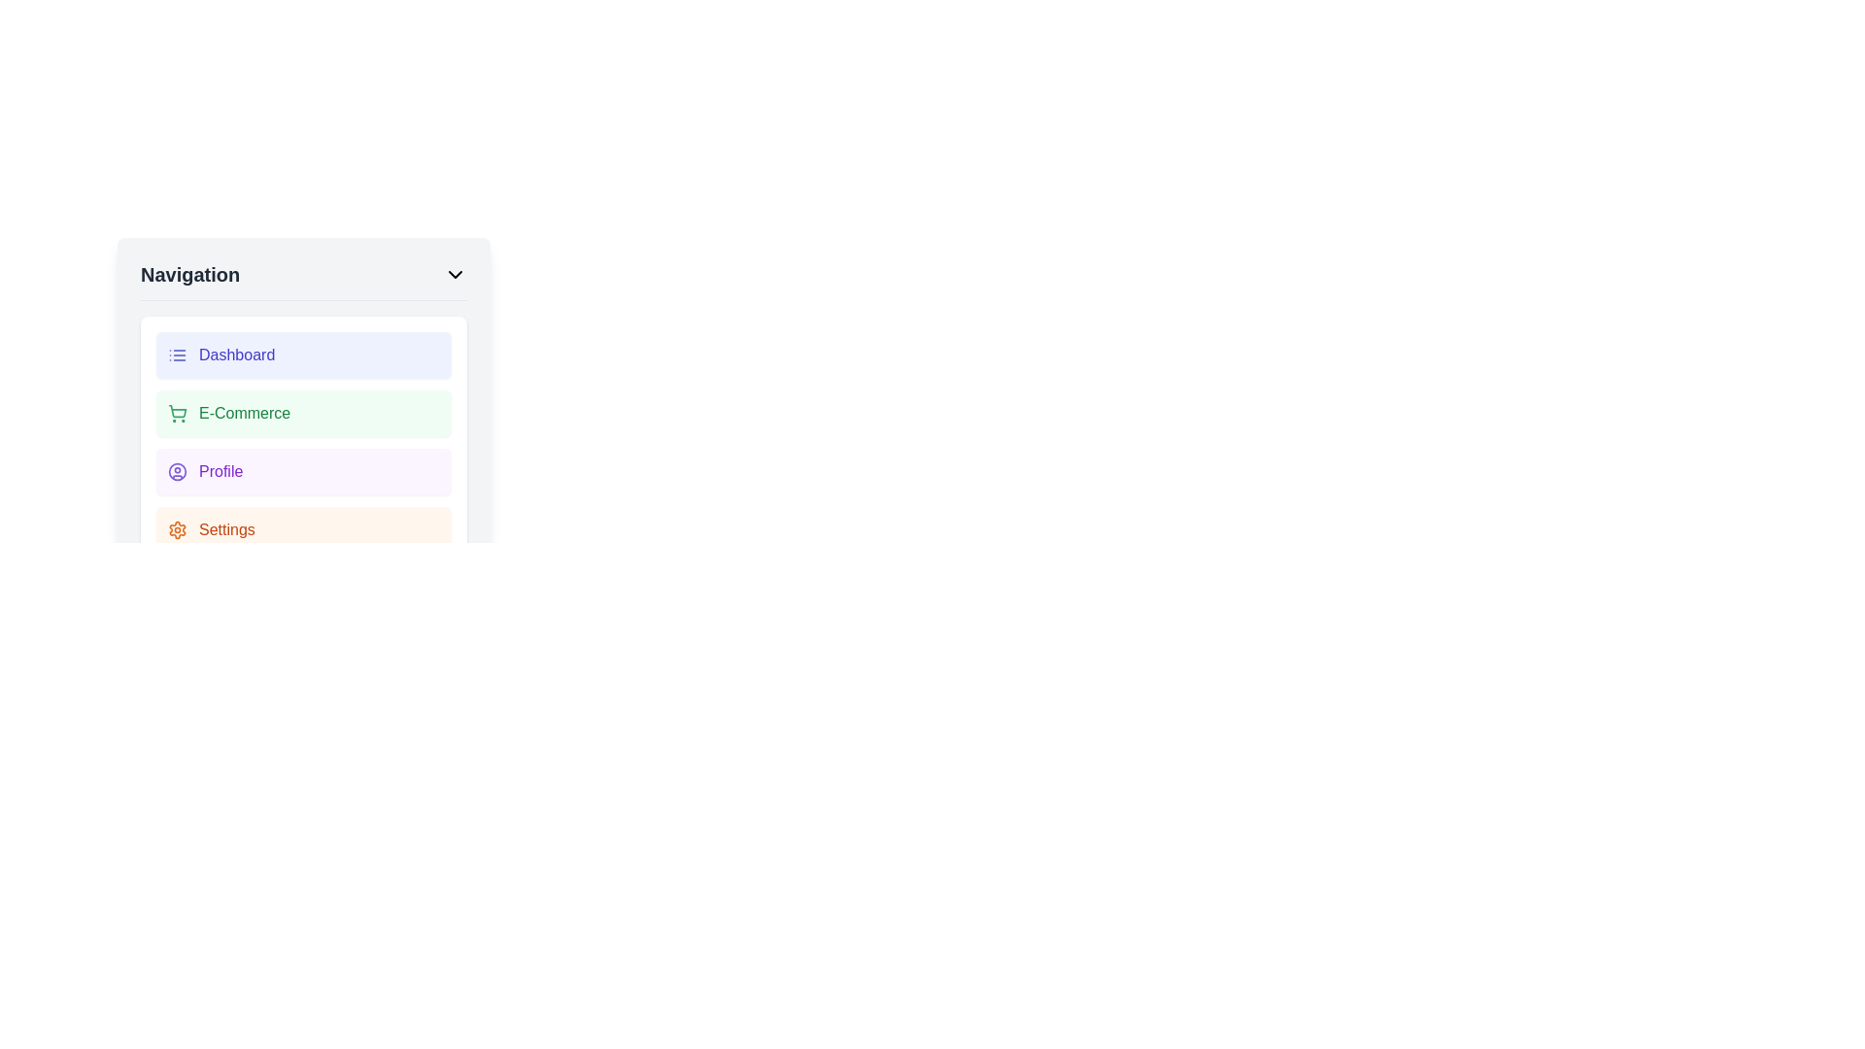  Describe the element at coordinates (177, 530) in the screenshot. I see `the gear/settings icon in the vertical navigation menu` at that location.